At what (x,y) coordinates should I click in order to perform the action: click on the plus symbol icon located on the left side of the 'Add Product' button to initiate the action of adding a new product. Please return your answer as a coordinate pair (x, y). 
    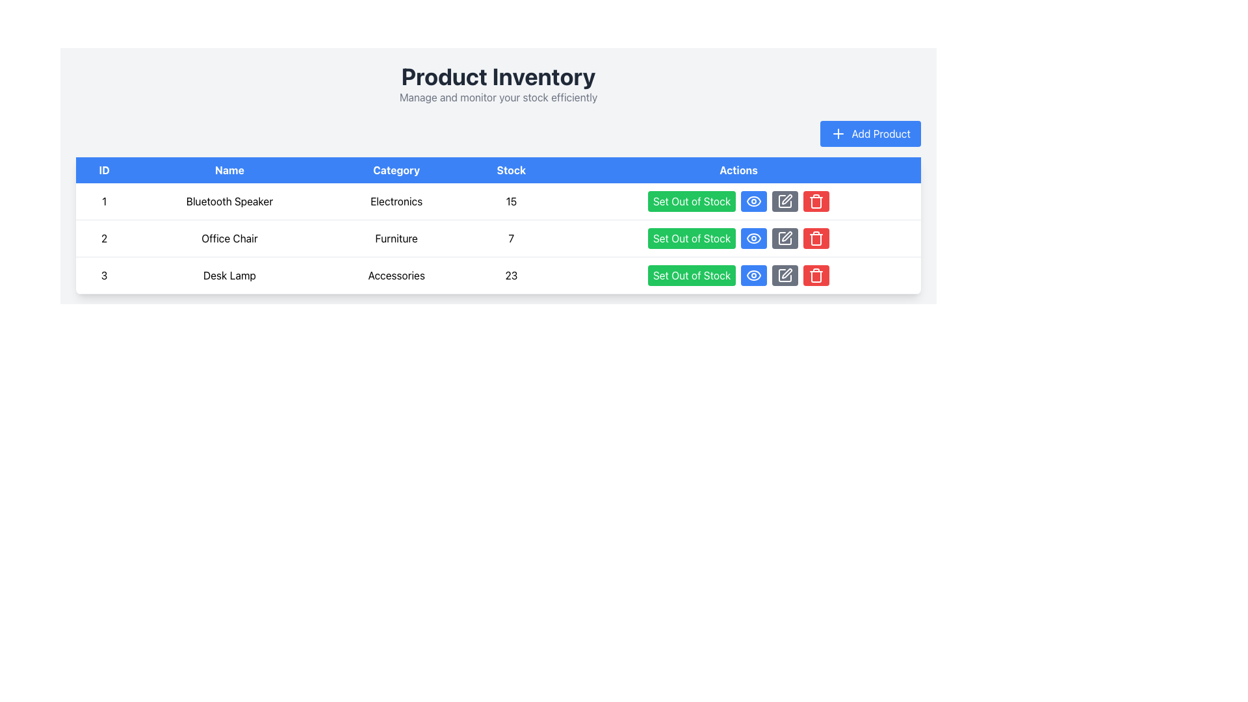
    Looking at the image, I should click on (838, 133).